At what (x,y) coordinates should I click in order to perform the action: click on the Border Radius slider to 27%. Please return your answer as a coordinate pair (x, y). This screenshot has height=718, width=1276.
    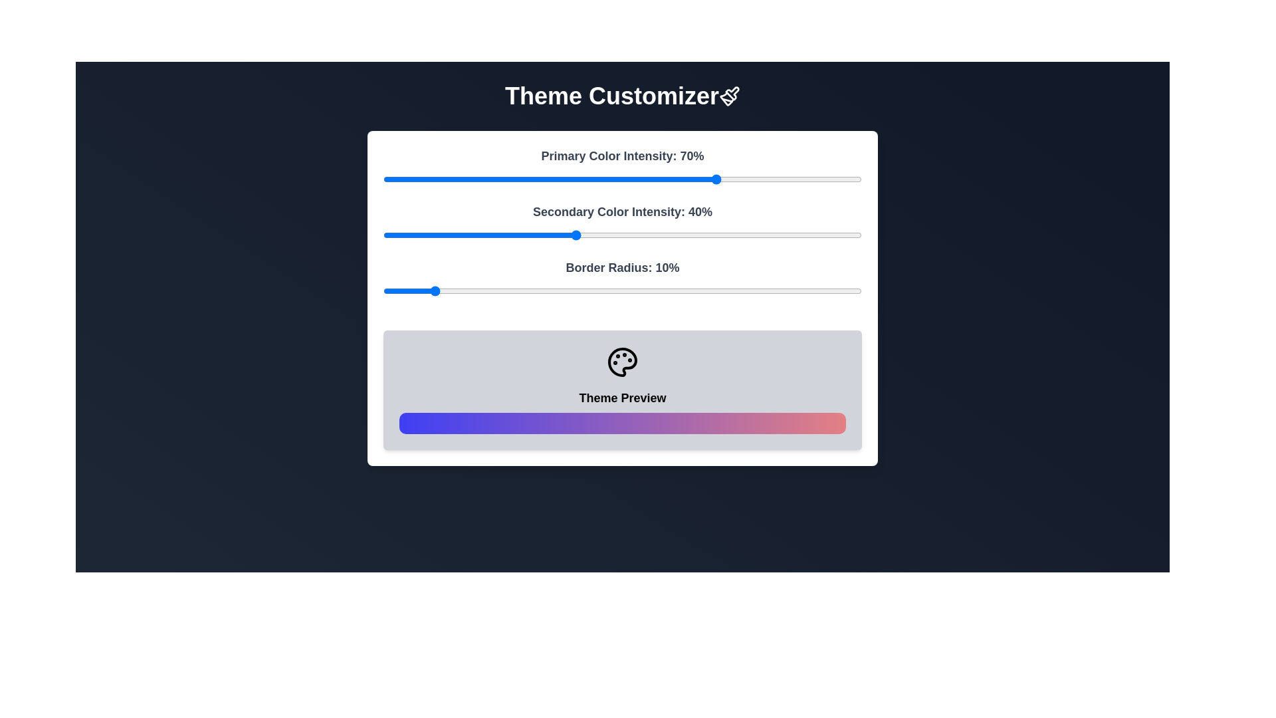
    Looking at the image, I should click on (512, 291).